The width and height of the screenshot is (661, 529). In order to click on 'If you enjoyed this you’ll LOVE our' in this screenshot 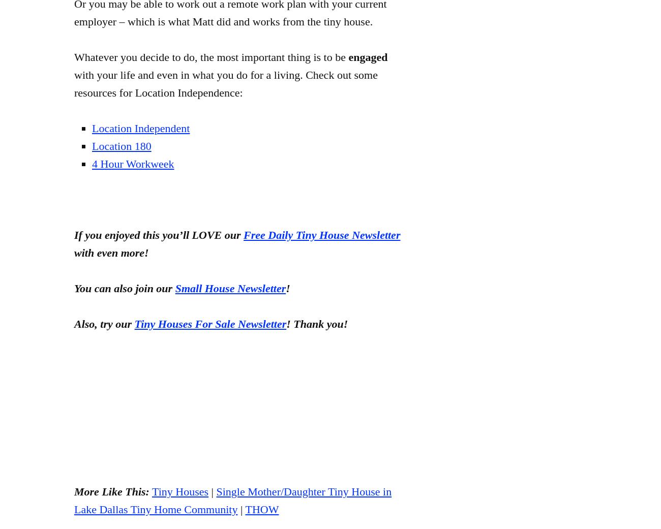, I will do `click(73, 234)`.